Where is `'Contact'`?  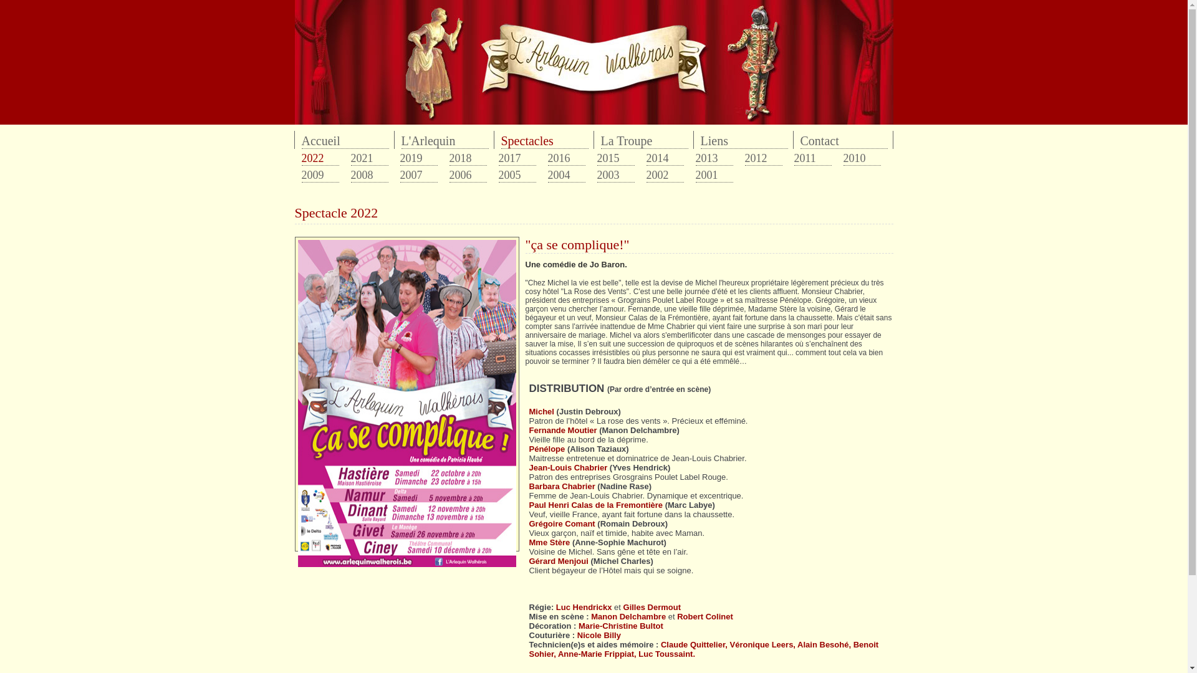
'Contact' is located at coordinates (800, 141).